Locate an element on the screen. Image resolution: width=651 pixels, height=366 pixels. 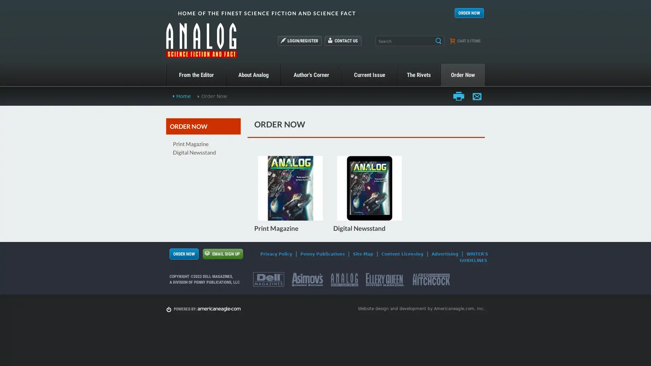
Search is located at coordinates (438, 41).